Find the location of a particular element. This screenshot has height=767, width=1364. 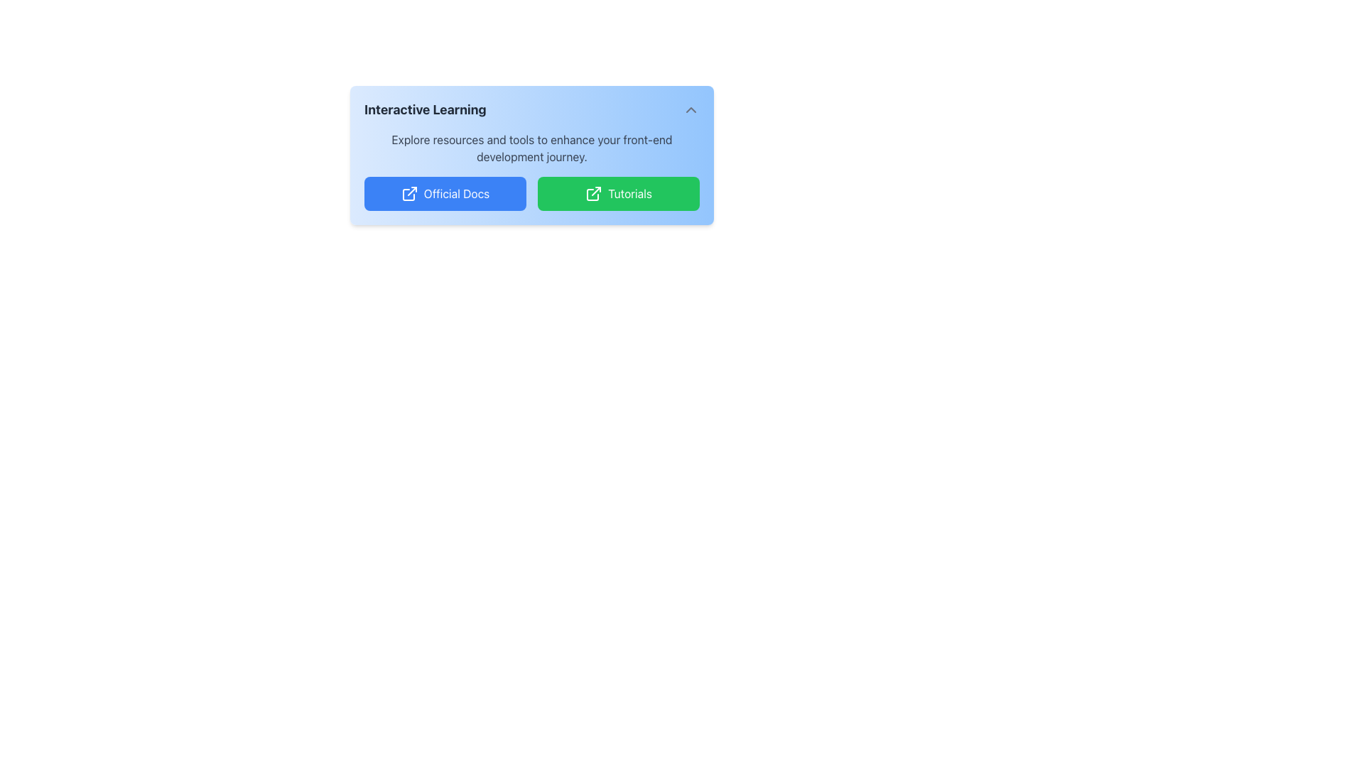

the centrally positioned Label or Static Text that provides context or guidance for the section, located above the 'Official Docs' and 'Tutorials' buttons is located at coordinates (531, 148).